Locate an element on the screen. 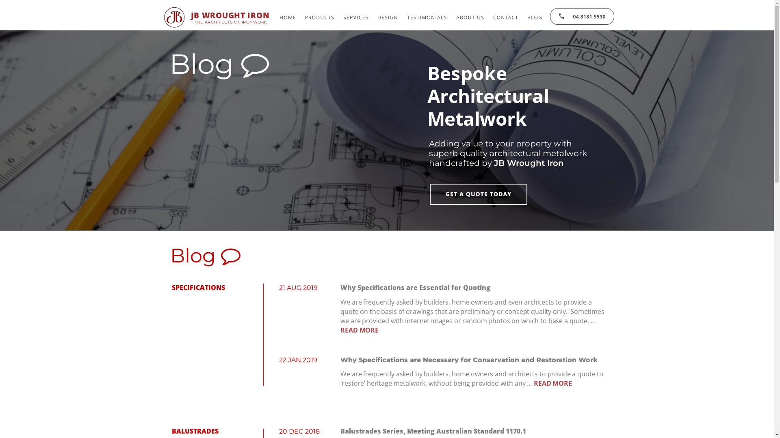 The image size is (780, 438). 'JB WROUGHT IRON' is located at coordinates (230, 15).